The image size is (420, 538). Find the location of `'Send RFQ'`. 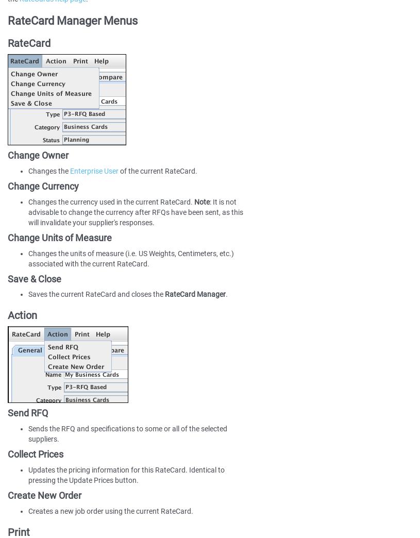

'Send RFQ' is located at coordinates (27, 412).